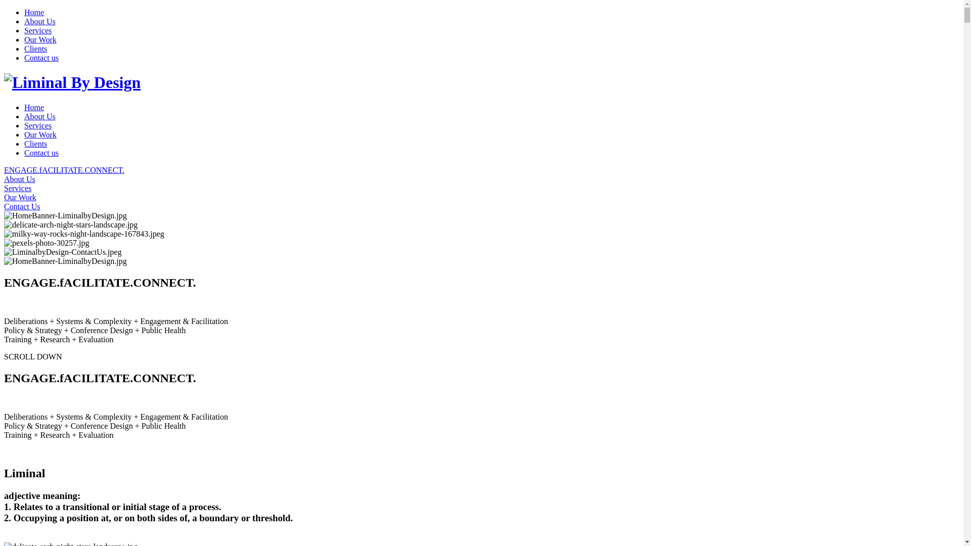  I want to click on 'Home', so click(34, 12).